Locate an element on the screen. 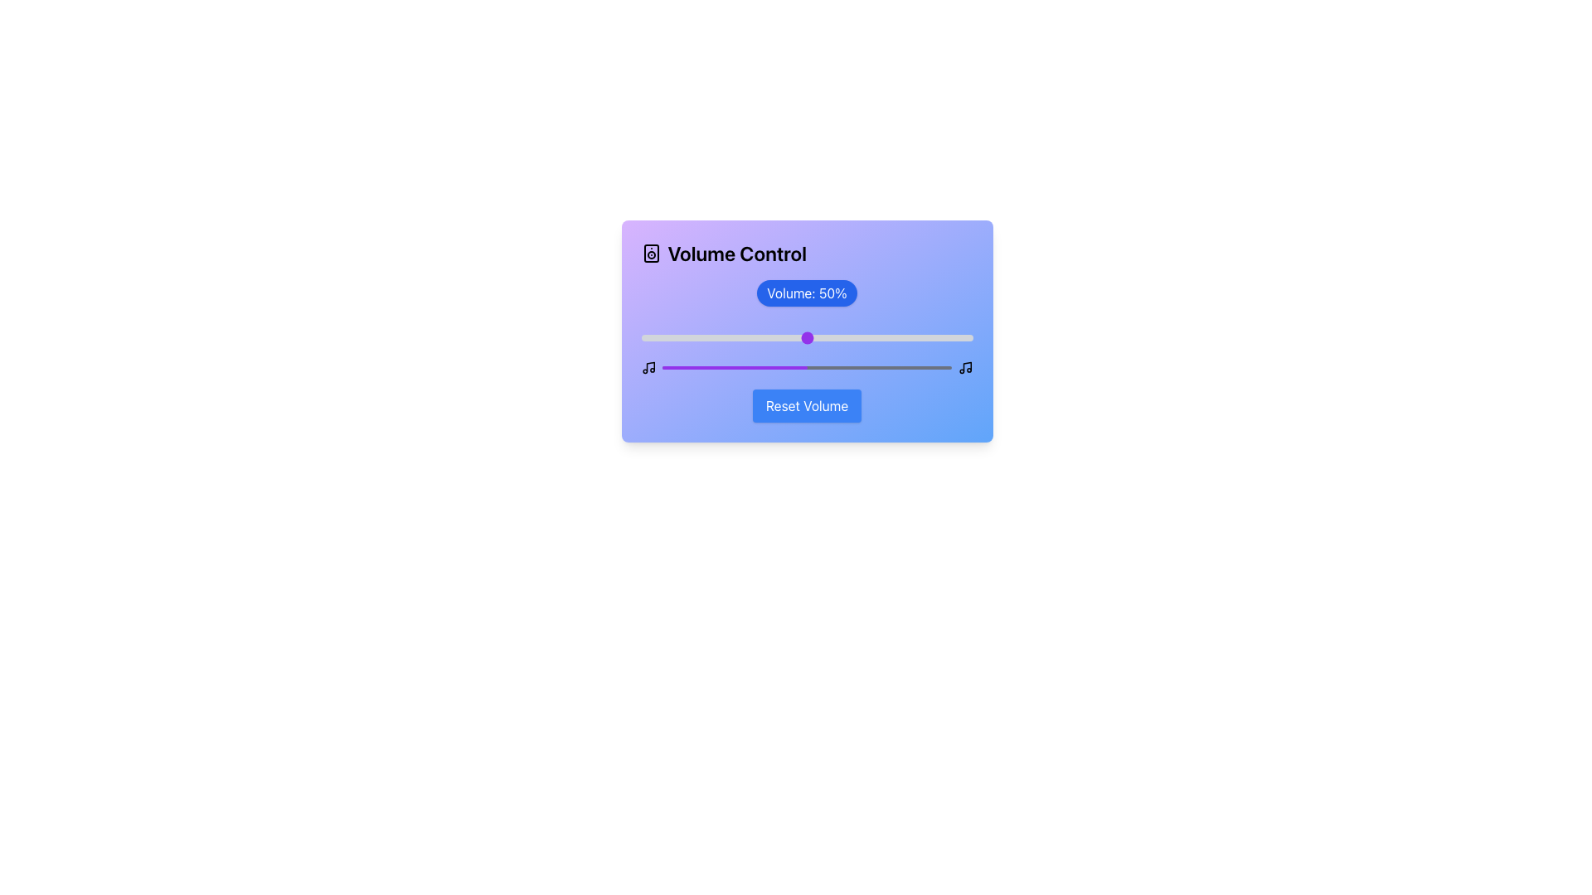 This screenshot has height=895, width=1592. the SVG Rectangle, which is a decorative component of the speaker icon located at the top-left corner of the interface next to the 'Volume Control' title is located at coordinates (650, 253).